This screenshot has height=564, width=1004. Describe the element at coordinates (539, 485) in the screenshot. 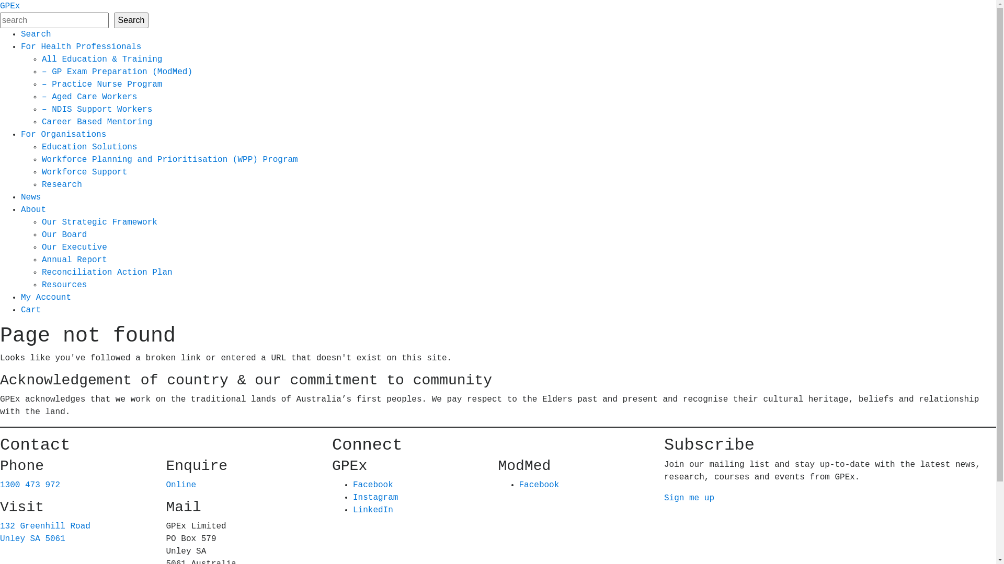

I see `'Facebook'` at that location.